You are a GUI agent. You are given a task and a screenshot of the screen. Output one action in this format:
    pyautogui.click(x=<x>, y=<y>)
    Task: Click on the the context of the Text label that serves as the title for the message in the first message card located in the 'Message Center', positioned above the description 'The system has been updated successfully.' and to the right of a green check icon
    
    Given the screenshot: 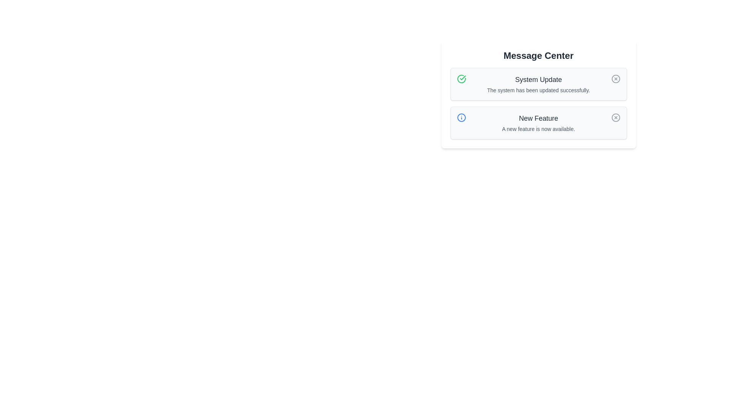 What is the action you would take?
    pyautogui.click(x=538, y=79)
    